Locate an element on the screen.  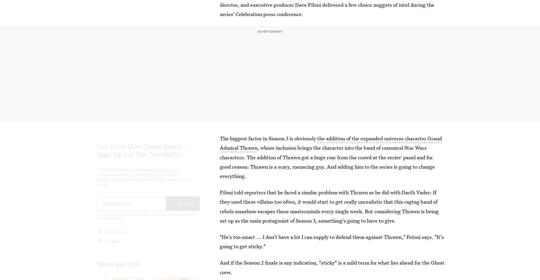
'the addition of the expanded universe character Grand Admiral Thrawn' is located at coordinates (330, 143).